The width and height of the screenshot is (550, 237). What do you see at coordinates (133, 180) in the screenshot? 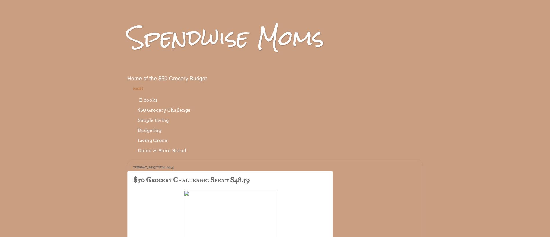
I see `'$50 Grocery Challenge:  Spent $48.59'` at bounding box center [133, 180].